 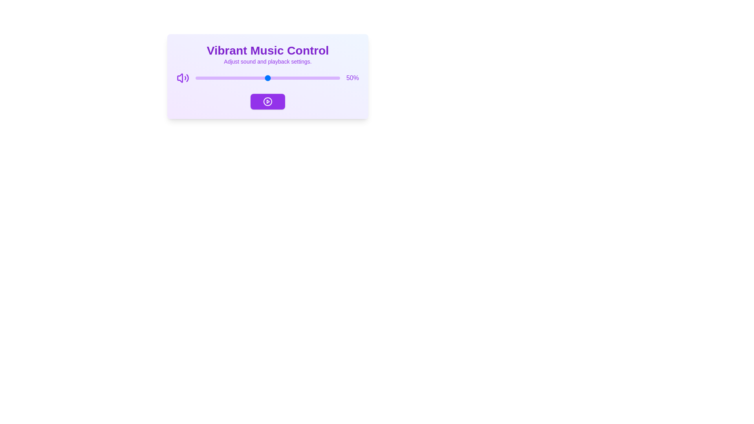 What do you see at coordinates (267, 101) in the screenshot?
I see `play/pause button to toggle playback` at bounding box center [267, 101].